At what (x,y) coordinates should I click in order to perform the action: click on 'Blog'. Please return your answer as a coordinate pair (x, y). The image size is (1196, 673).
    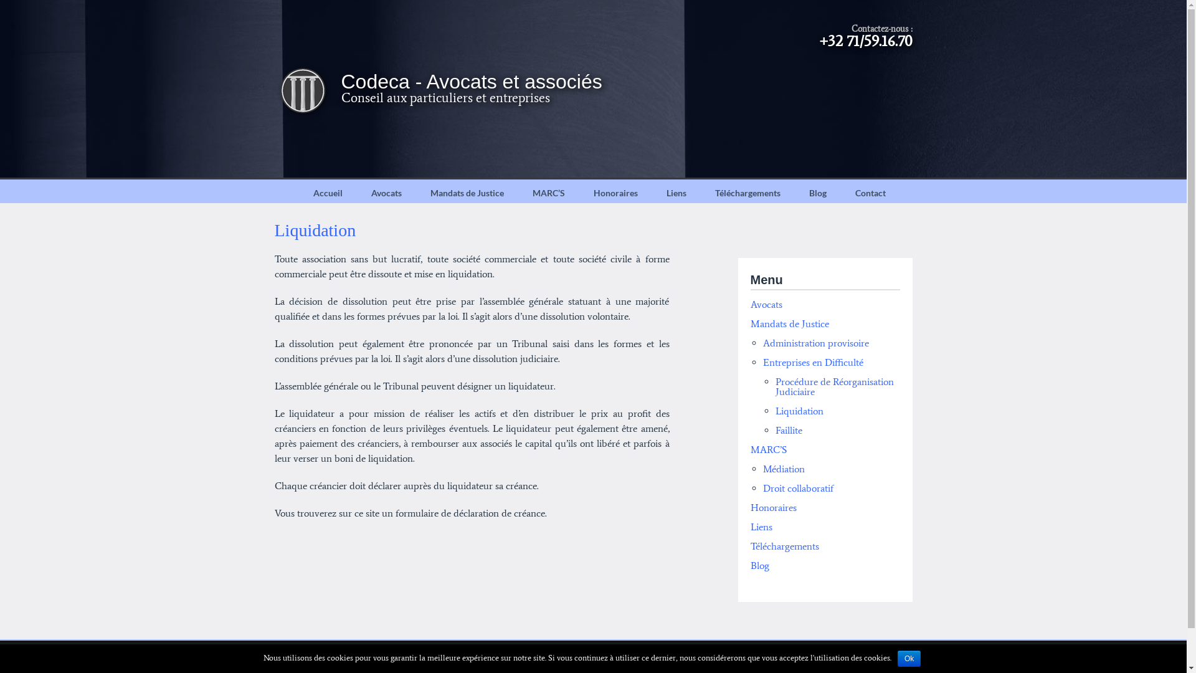
    Looking at the image, I should click on (759, 565).